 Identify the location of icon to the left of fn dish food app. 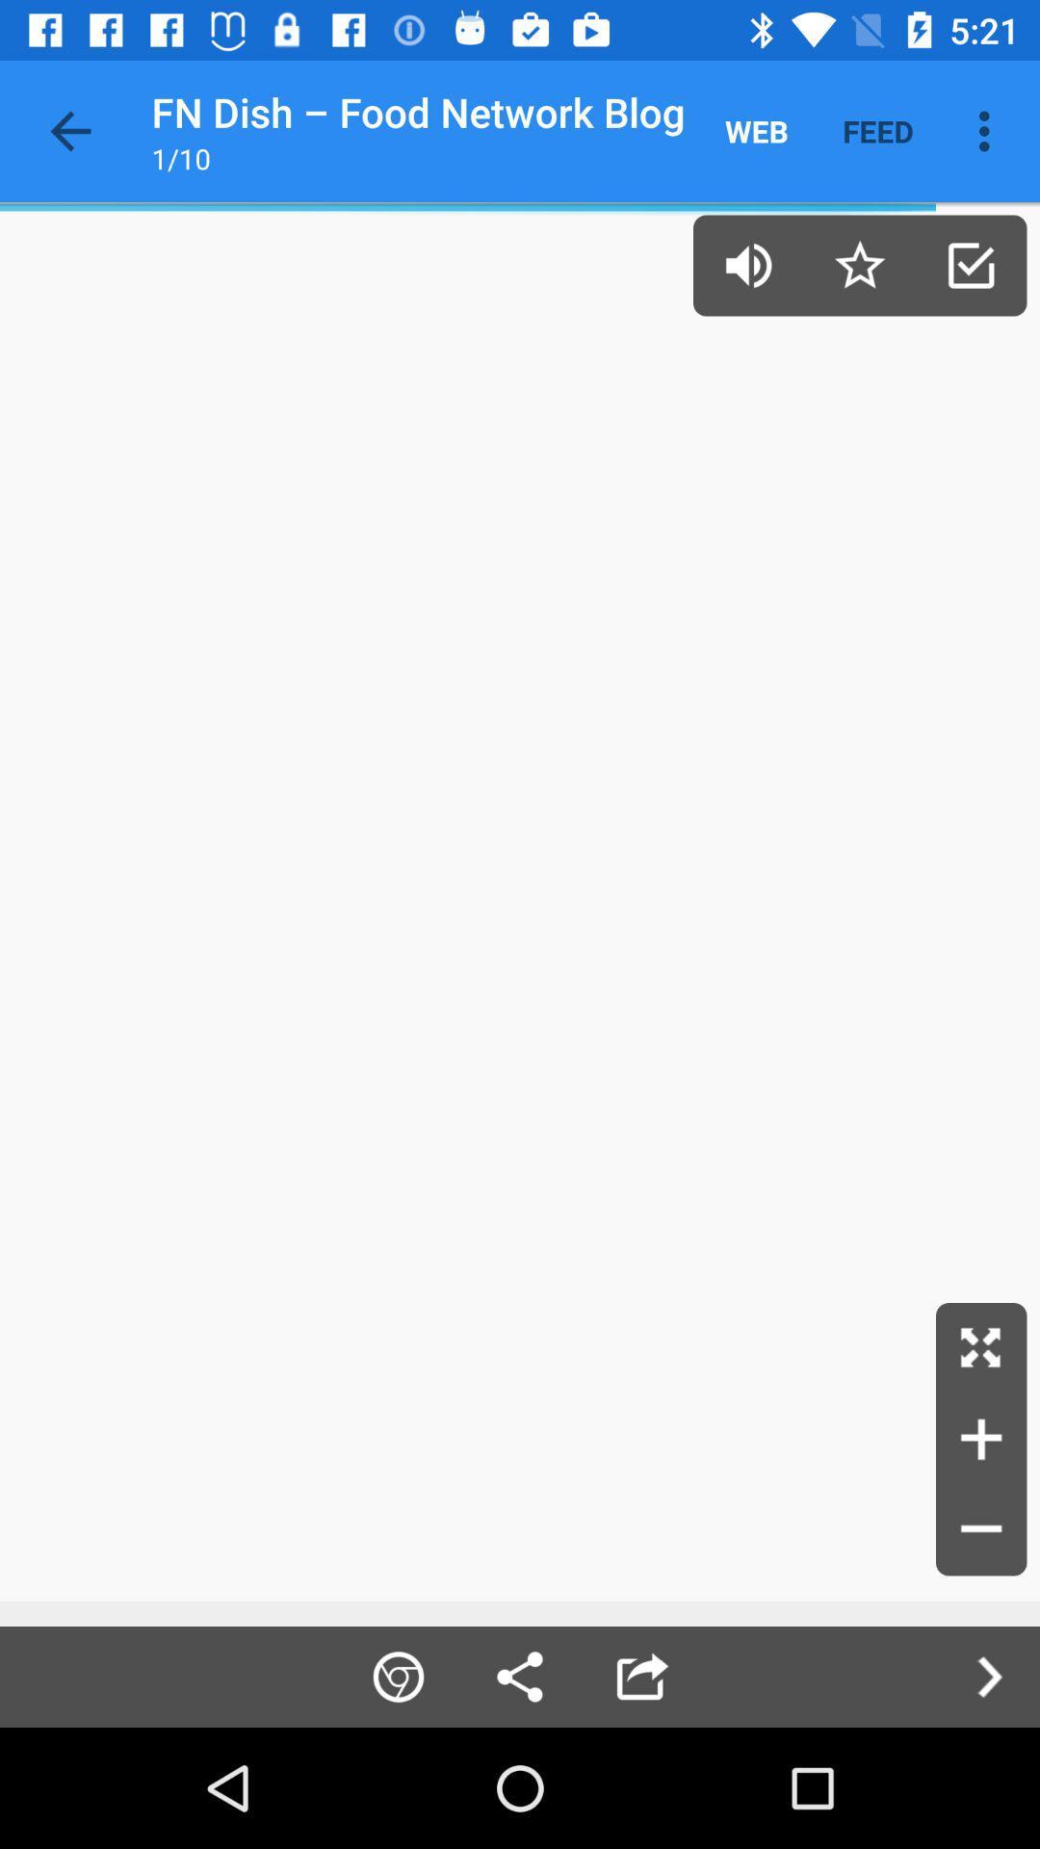
(69, 130).